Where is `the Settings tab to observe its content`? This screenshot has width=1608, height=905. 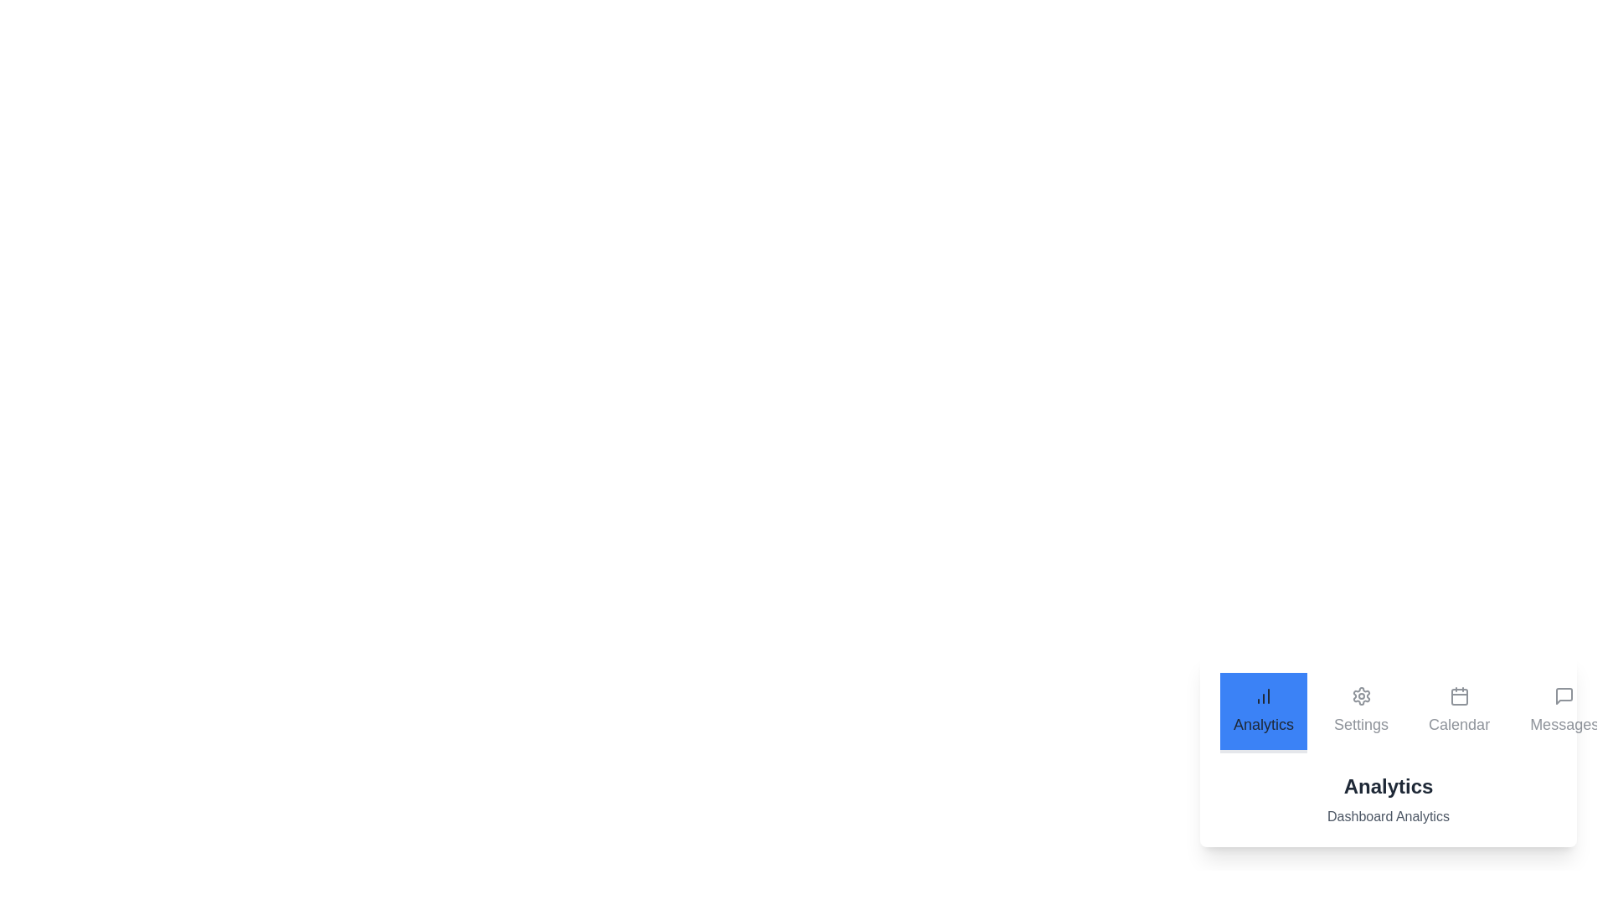 the Settings tab to observe its content is located at coordinates (1361, 713).